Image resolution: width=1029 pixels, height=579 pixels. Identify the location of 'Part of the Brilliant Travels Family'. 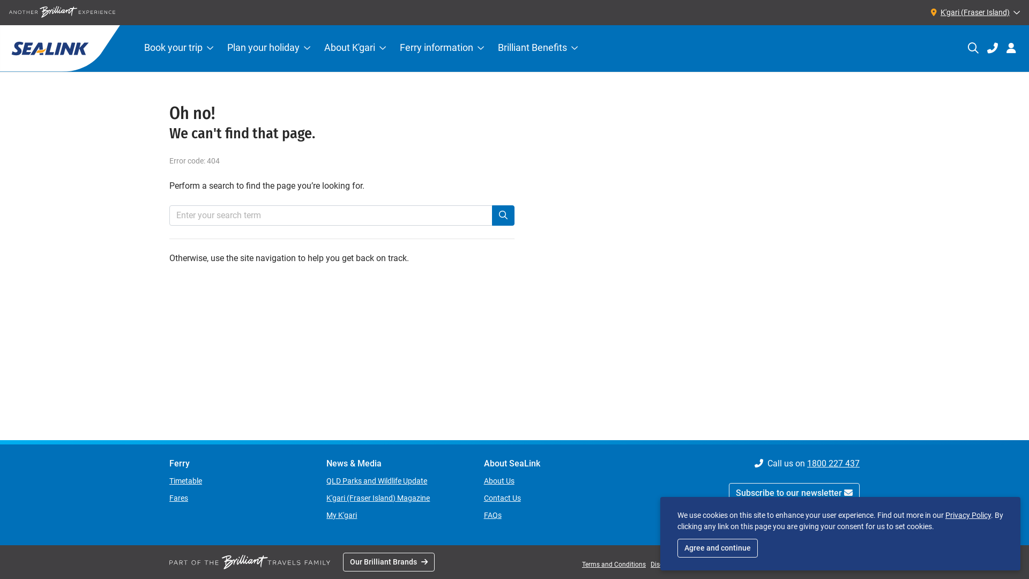
(249, 561).